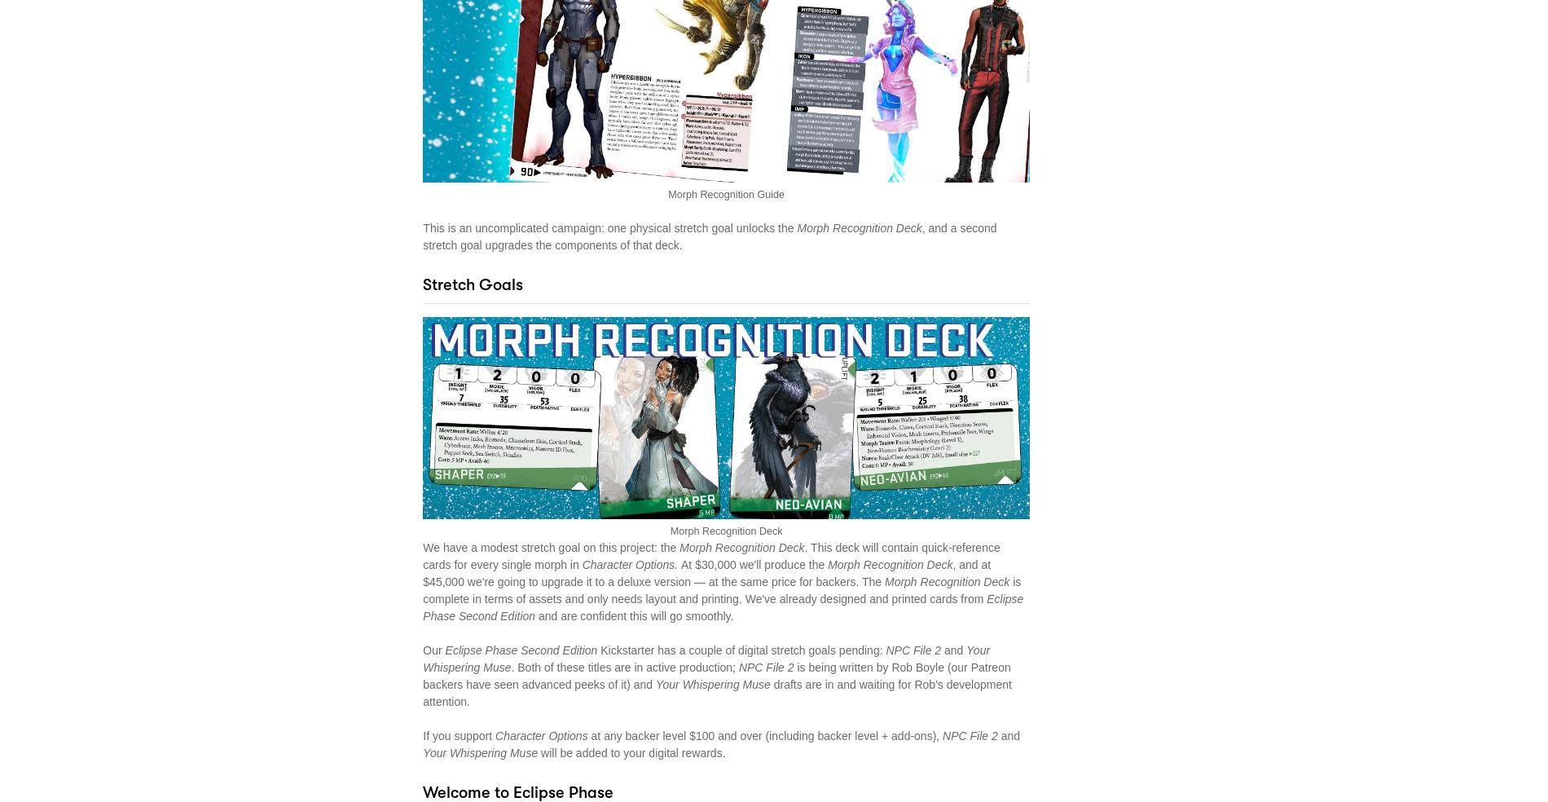  What do you see at coordinates (609, 227) in the screenshot?
I see `'This is an uncomplicated campaign: one physical stretch goal unlocks the'` at bounding box center [609, 227].